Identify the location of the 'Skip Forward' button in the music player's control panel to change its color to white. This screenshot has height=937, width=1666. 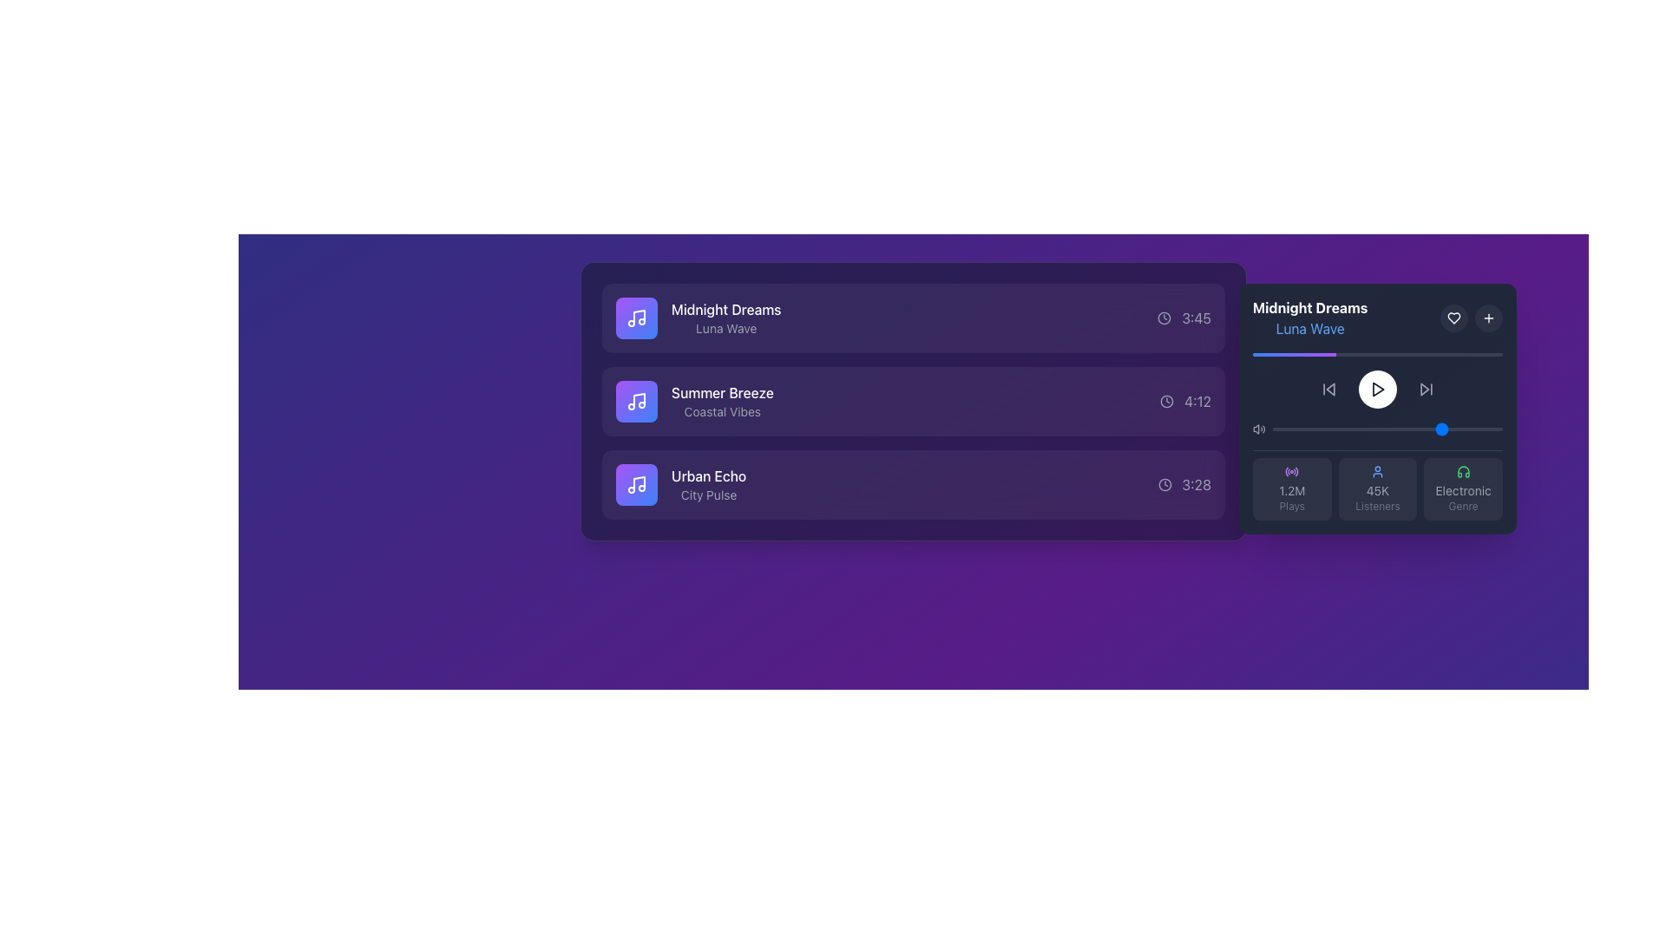
(1426, 388).